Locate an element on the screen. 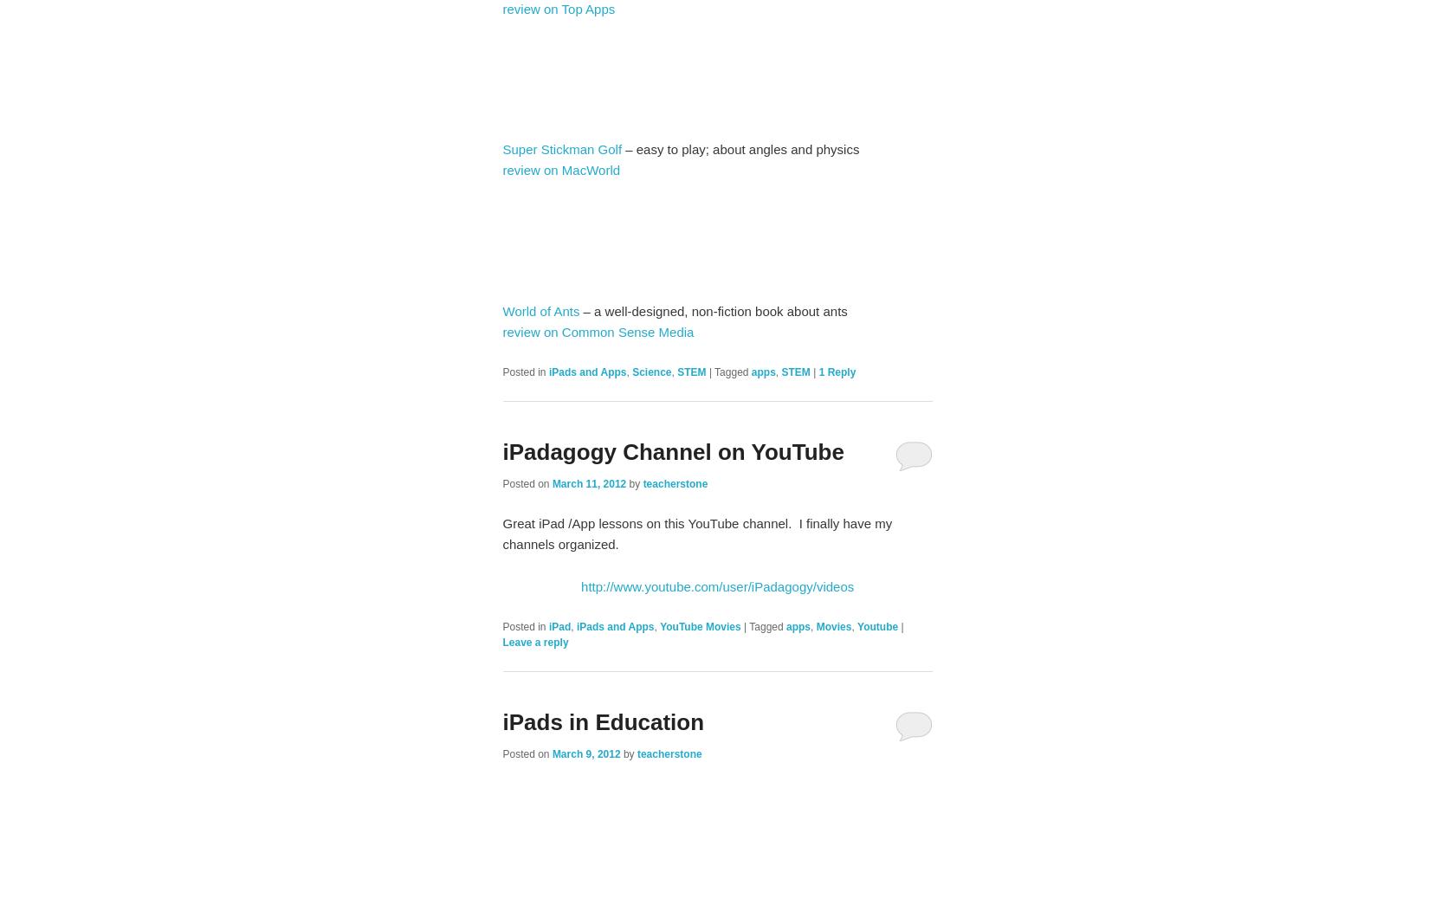  'Great iPad /App lessons on this YouTube channel.  I finally have my channels organized.' is located at coordinates (695, 533).